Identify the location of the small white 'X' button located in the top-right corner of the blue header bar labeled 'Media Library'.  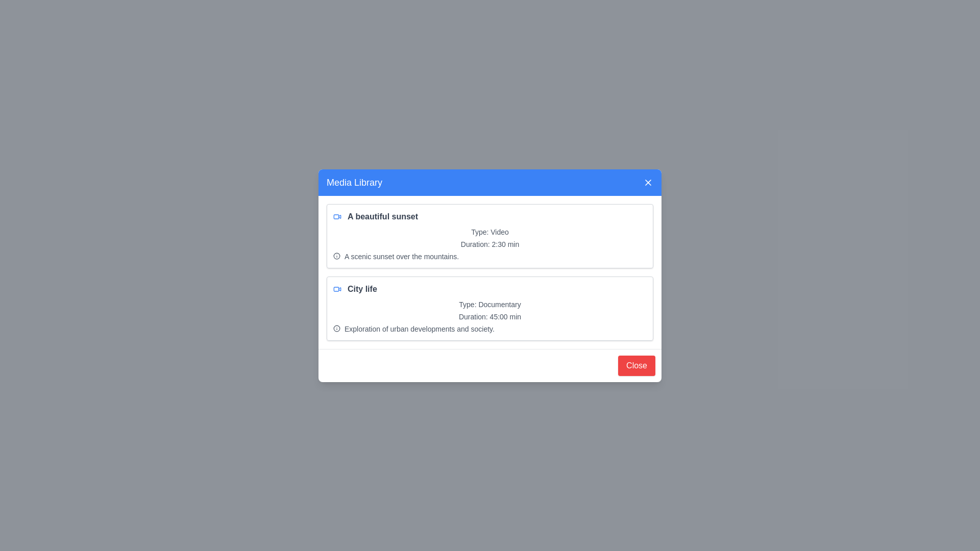
(648, 182).